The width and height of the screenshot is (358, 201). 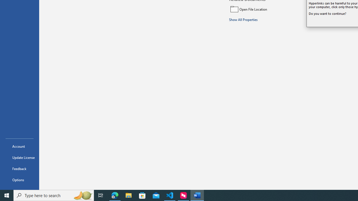 What do you see at coordinates (169, 195) in the screenshot?
I see `'Visual Studio Code - 1 running window'` at bounding box center [169, 195].